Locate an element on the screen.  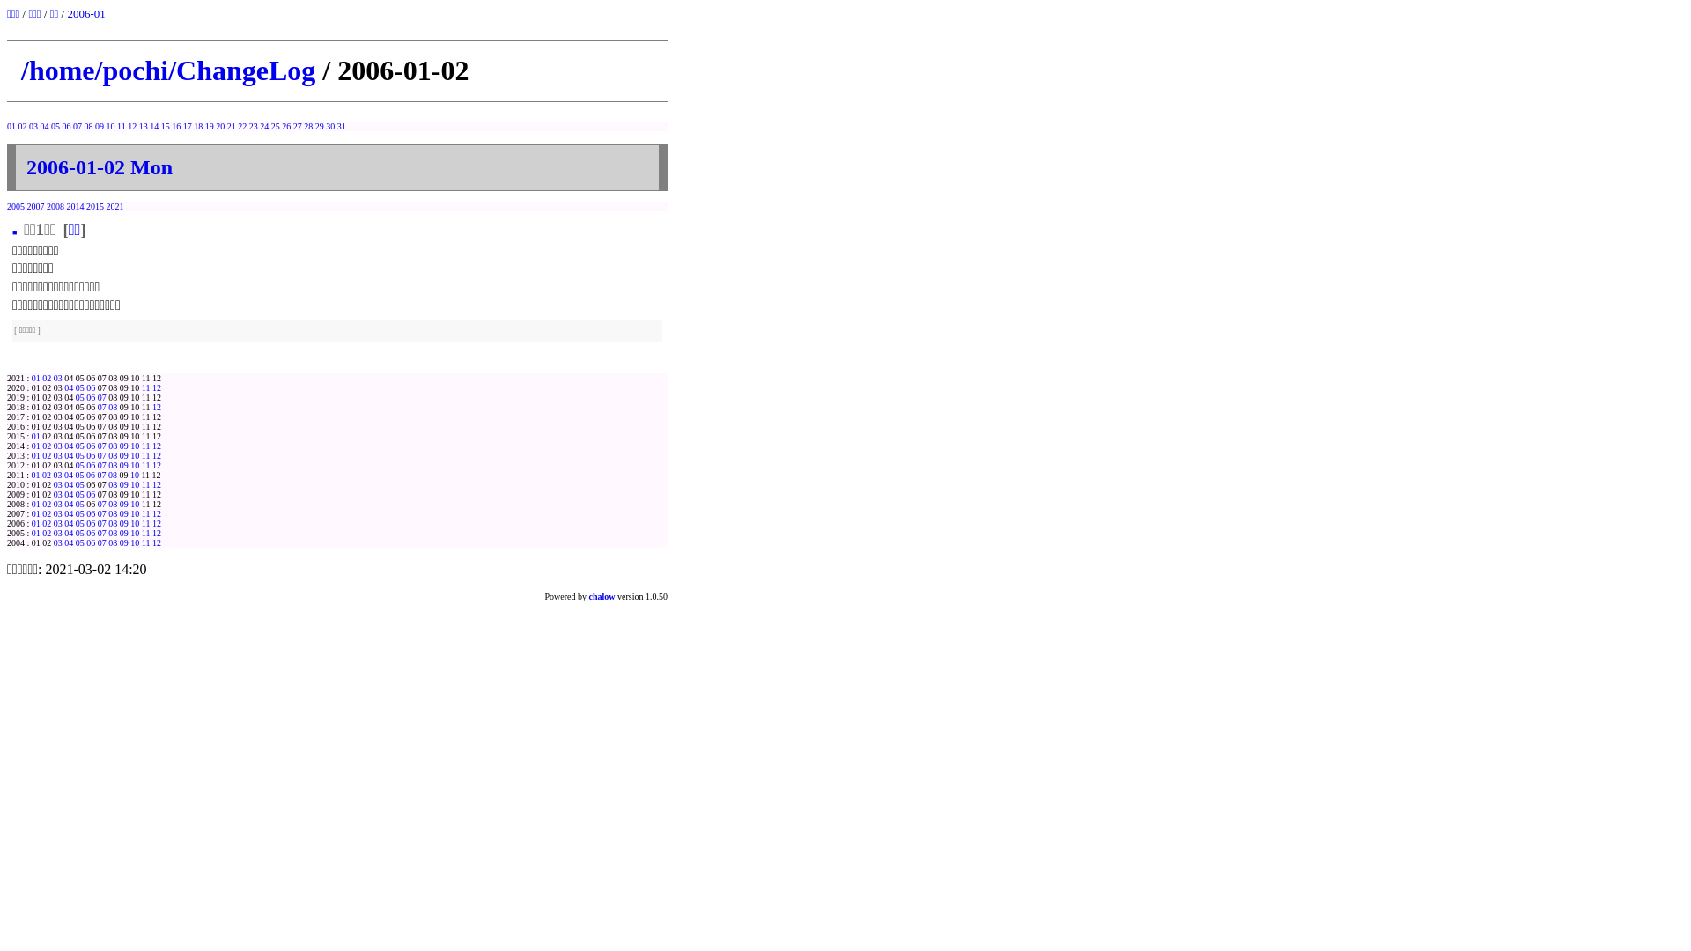
'19' is located at coordinates (205, 125).